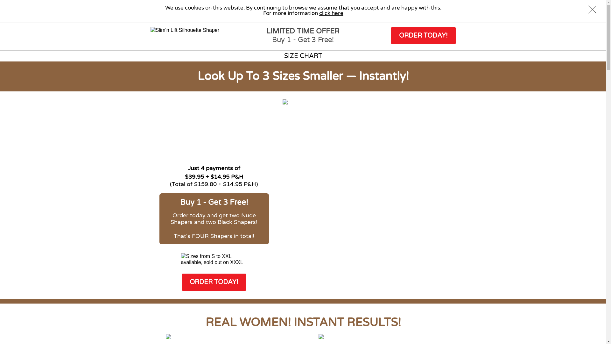 The height and width of the screenshot is (344, 611). Describe the element at coordinates (319, 13) in the screenshot. I see `'click here'` at that location.